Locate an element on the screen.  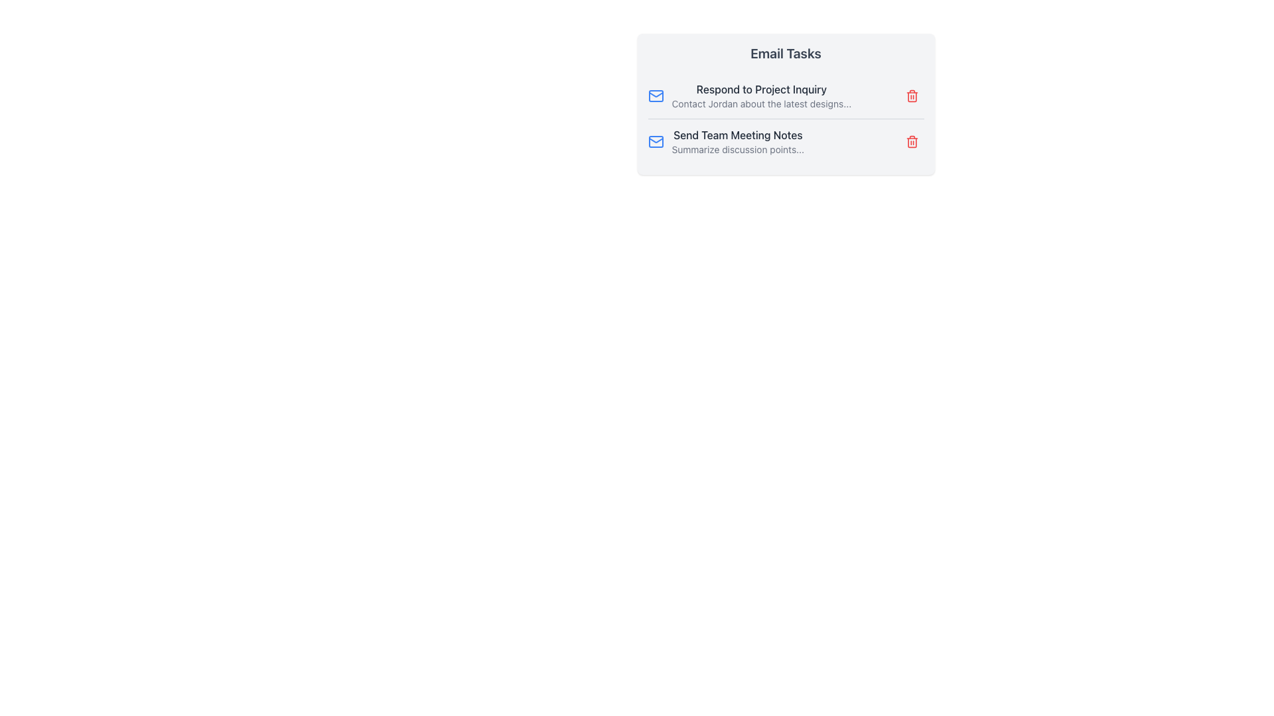
the delete button located at the far right of the 'Send Team Meeting Notes' row is located at coordinates (911, 141).